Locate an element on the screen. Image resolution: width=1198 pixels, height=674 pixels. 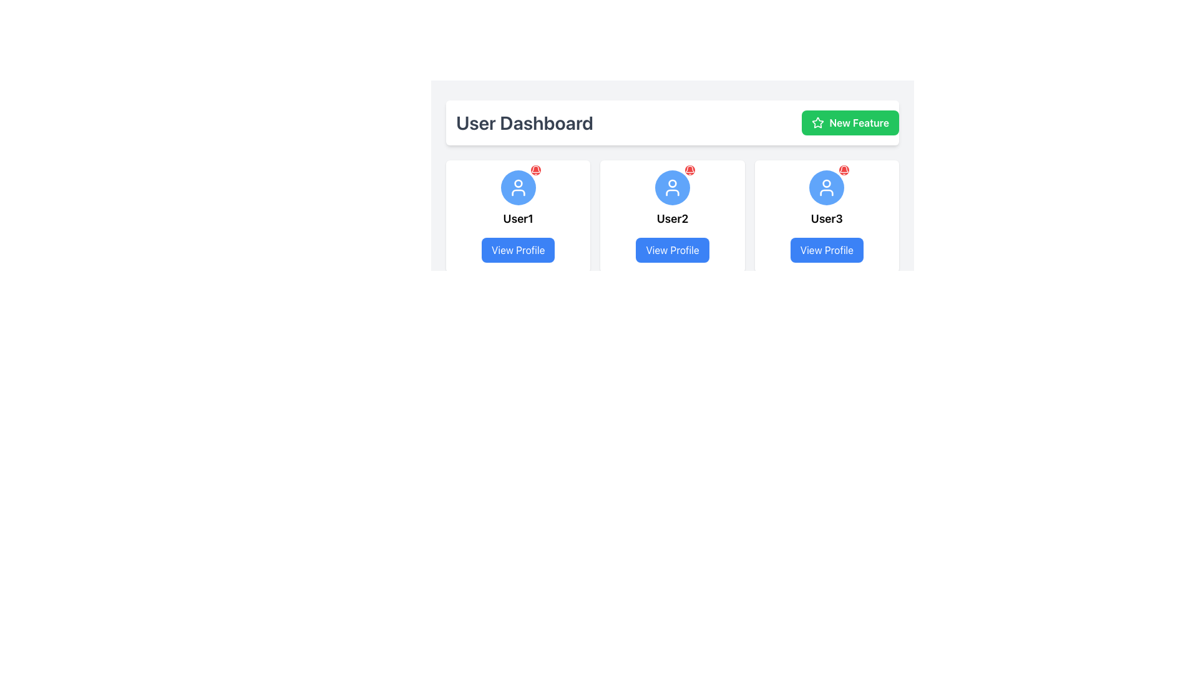
the circular Icon button with a blue background and white user icon located in the profile card labeled 'User2', positioned above the 'View Profile' button is located at coordinates (671, 187).